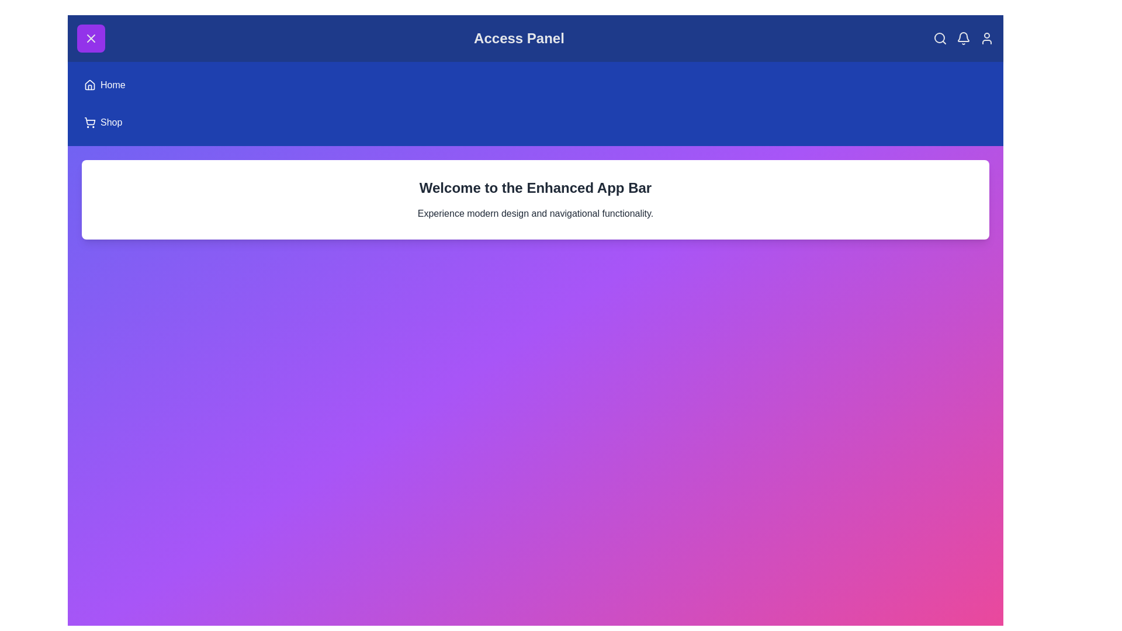 The width and height of the screenshot is (1122, 631). I want to click on the 'Notifications' icon, so click(964, 37).